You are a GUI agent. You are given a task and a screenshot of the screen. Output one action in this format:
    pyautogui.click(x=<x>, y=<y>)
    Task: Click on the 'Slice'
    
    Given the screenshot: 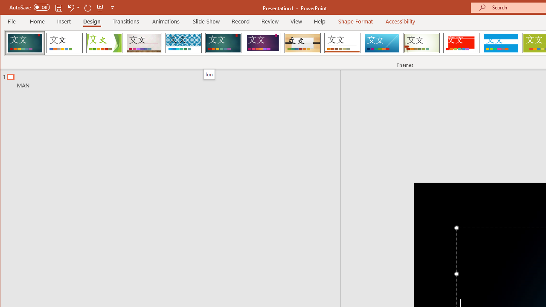 What is the action you would take?
    pyautogui.click(x=381, y=43)
    